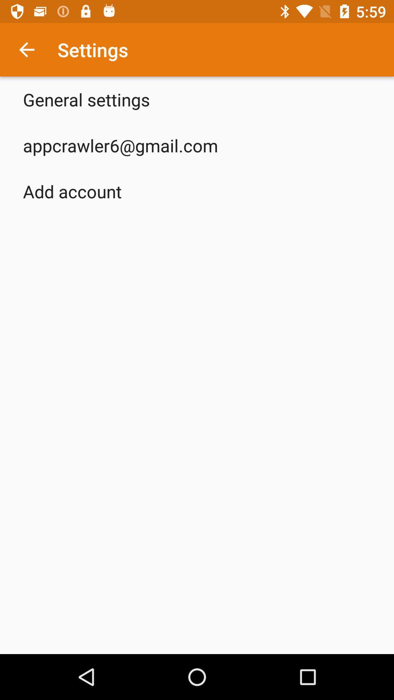 Image resolution: width=394 pixels, height=700 pixels. I want to click on icon to the left of settings item, so click(26, 49).